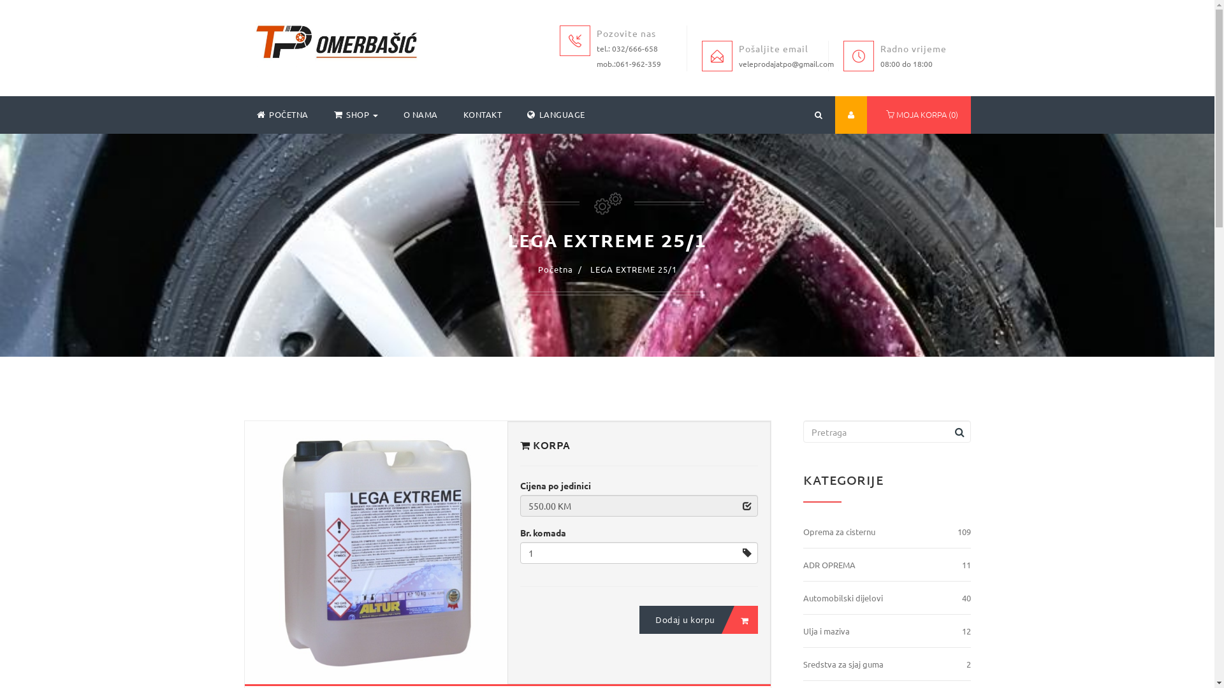  Describe the element at coordinates (356, 115) in the screenshot. I see `'SHOP'` at that location.